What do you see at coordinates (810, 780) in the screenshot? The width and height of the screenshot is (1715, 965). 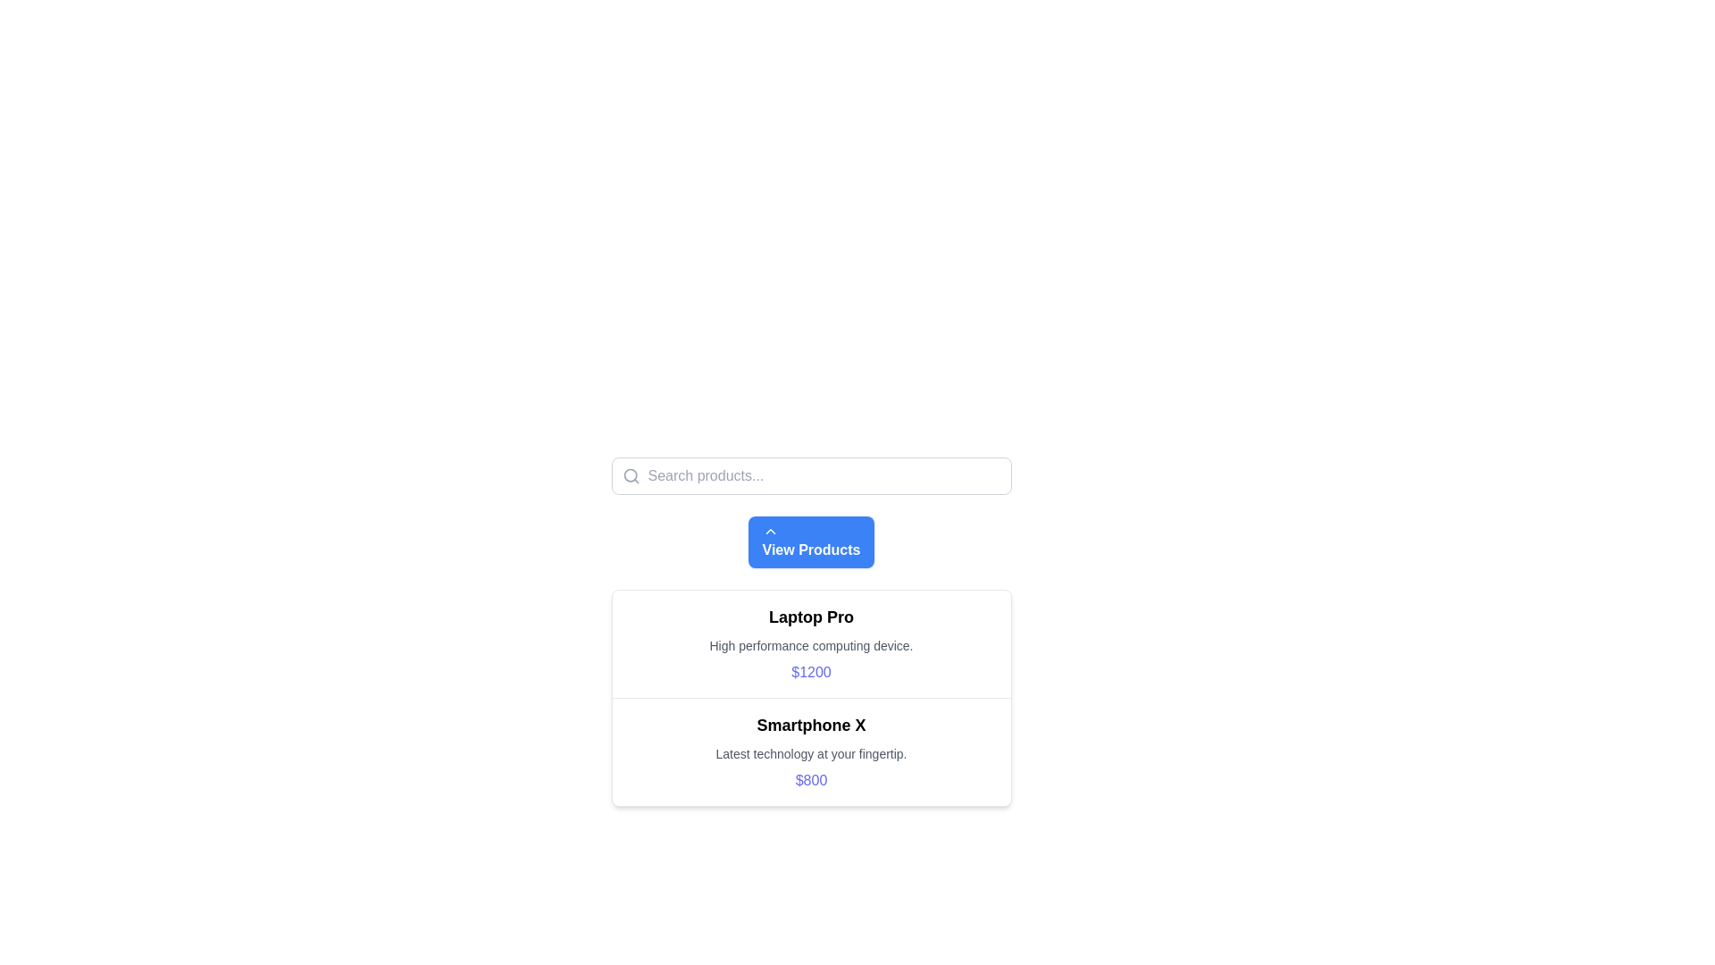 I see `text label displaying the price '$800' for the product 'Smartphone X', which is styled in indigo color and positioned below the product title and description within the card layout` at bounding box center [810, 780].